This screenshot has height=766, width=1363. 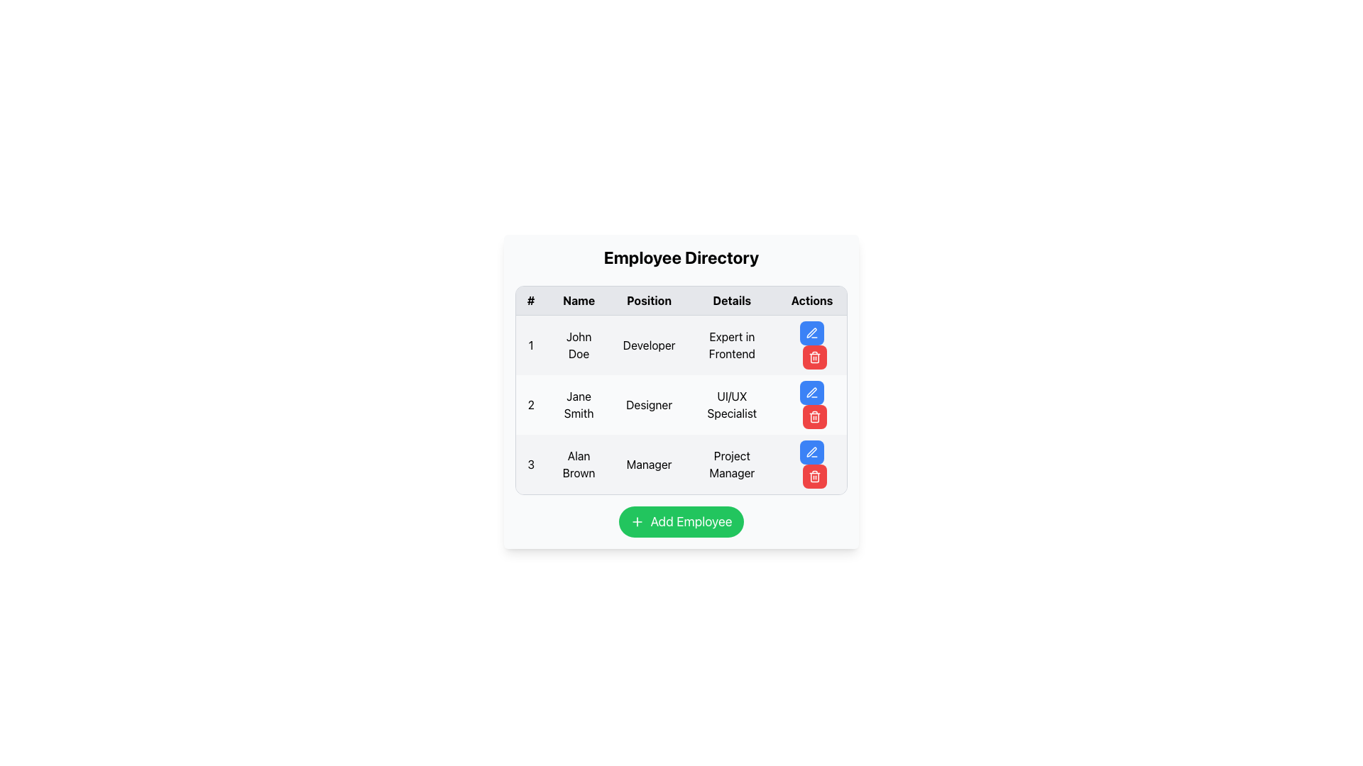 I want to click on the pen icon within the blue button located in the second row of the 'Actions' column next to 'Jane Smith', so click(x=811, y=333).